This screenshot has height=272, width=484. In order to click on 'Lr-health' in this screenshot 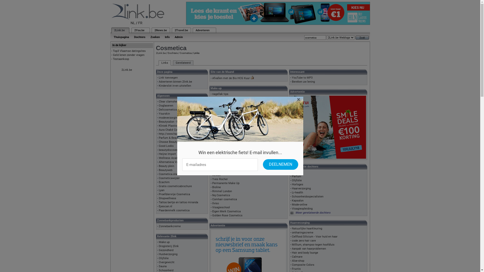, I will do `click(297, 192)`.